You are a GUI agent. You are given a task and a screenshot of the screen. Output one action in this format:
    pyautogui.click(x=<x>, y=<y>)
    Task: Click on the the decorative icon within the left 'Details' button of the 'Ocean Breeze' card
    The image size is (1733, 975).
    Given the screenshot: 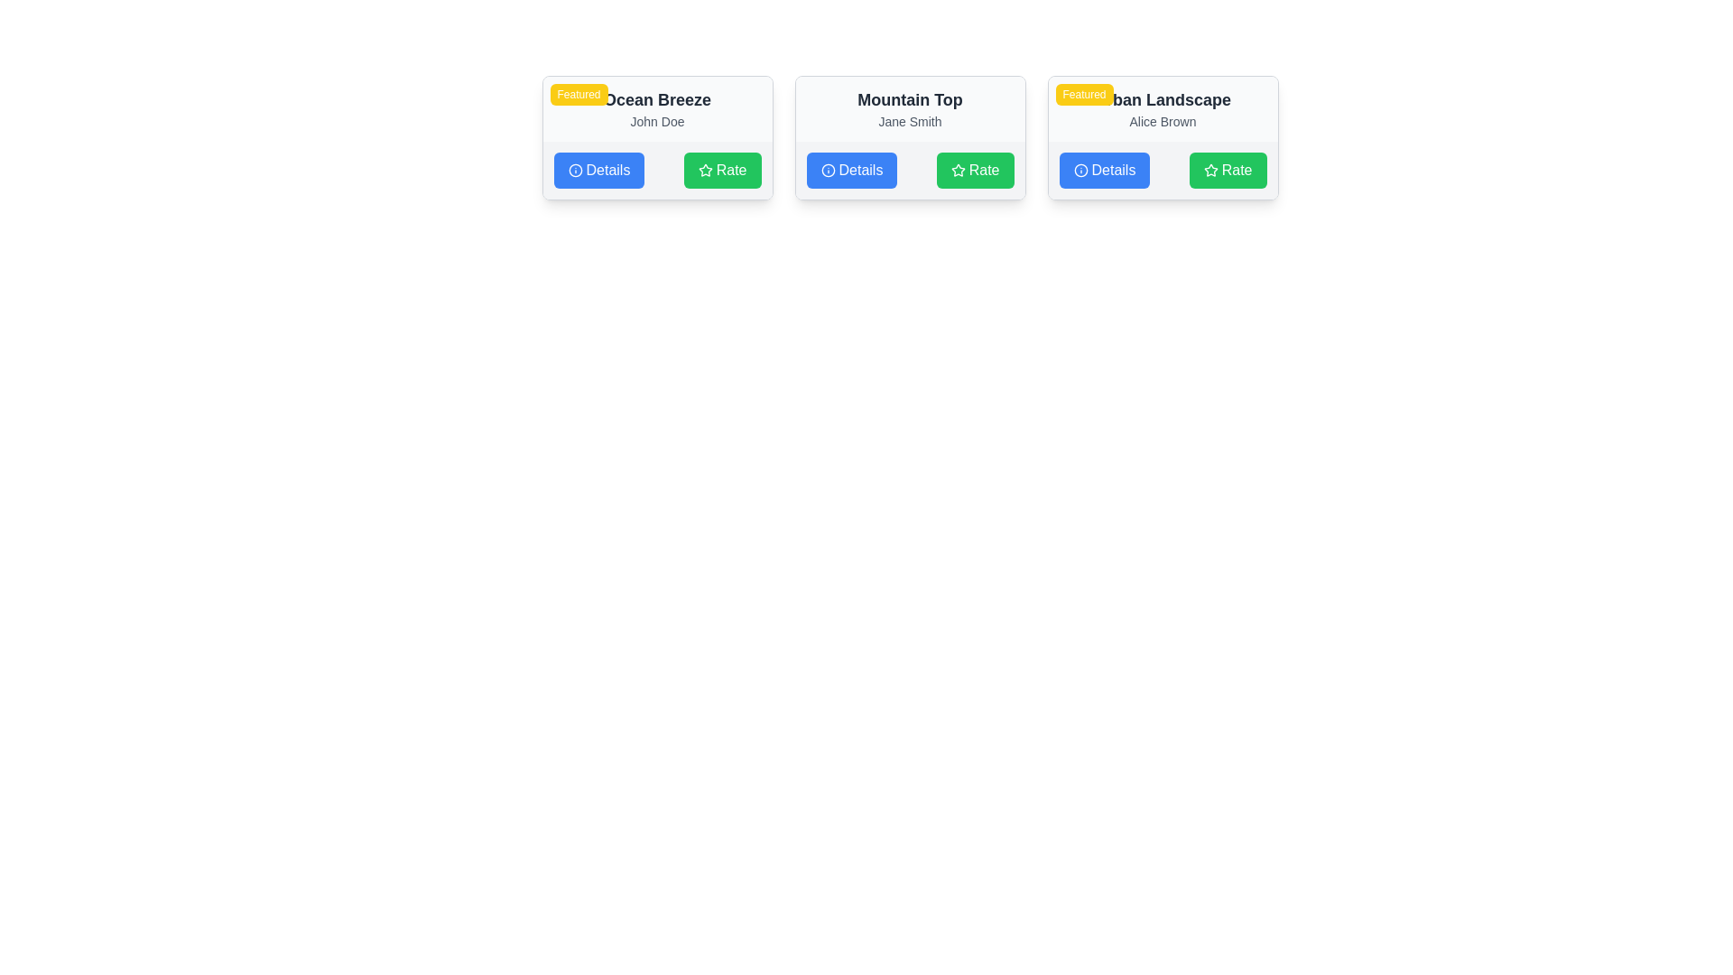 What is the action you would take?
    pyautogui.click(x=574, y=171)
    